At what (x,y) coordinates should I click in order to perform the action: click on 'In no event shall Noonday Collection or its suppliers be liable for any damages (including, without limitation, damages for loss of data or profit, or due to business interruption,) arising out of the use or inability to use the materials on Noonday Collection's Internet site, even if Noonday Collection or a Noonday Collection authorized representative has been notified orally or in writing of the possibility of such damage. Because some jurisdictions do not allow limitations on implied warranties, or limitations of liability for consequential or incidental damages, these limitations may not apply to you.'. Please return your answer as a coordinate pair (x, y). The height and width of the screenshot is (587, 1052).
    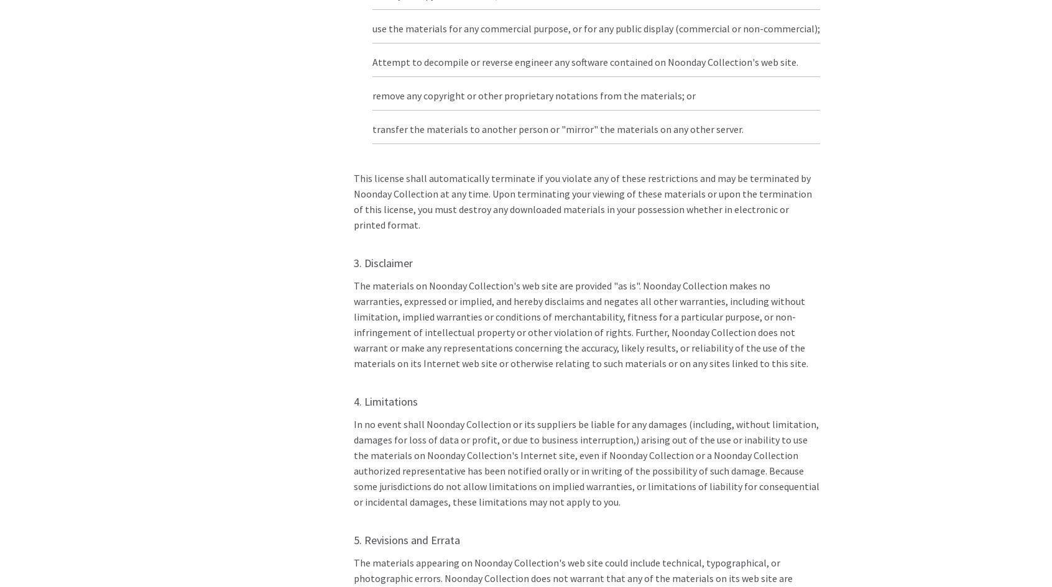
    Looking at the image, I should click on (586, 462).